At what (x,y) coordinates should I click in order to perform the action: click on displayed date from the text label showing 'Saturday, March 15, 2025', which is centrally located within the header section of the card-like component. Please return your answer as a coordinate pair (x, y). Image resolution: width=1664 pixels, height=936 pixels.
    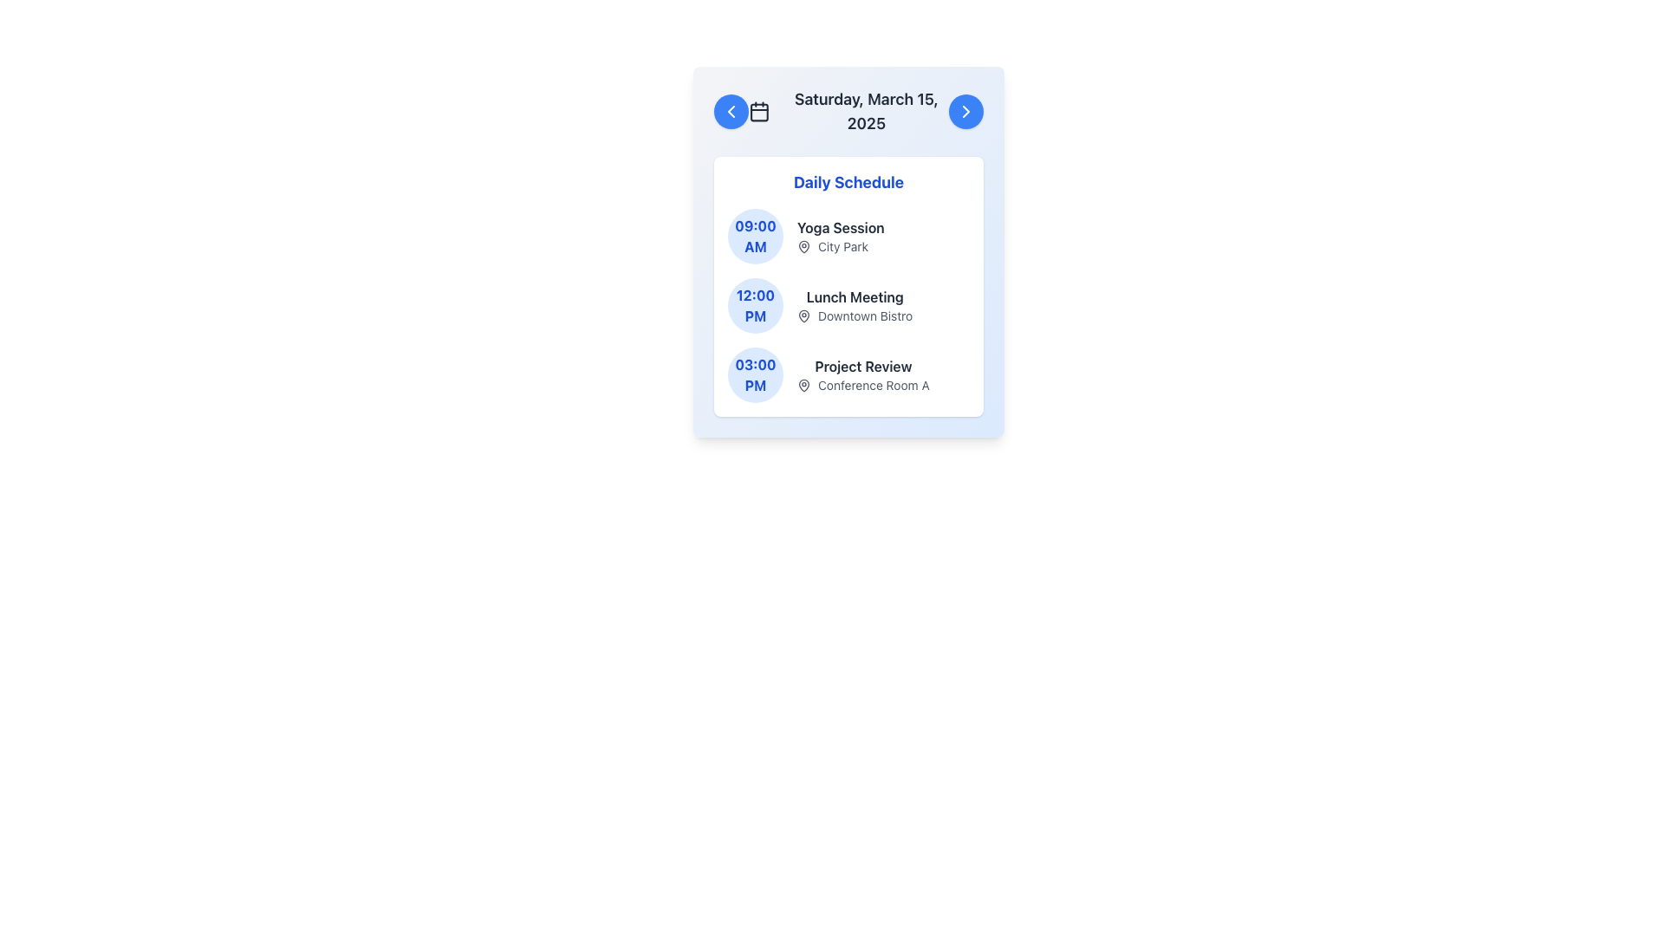
    Looking at the image, I should click on (848, 111).